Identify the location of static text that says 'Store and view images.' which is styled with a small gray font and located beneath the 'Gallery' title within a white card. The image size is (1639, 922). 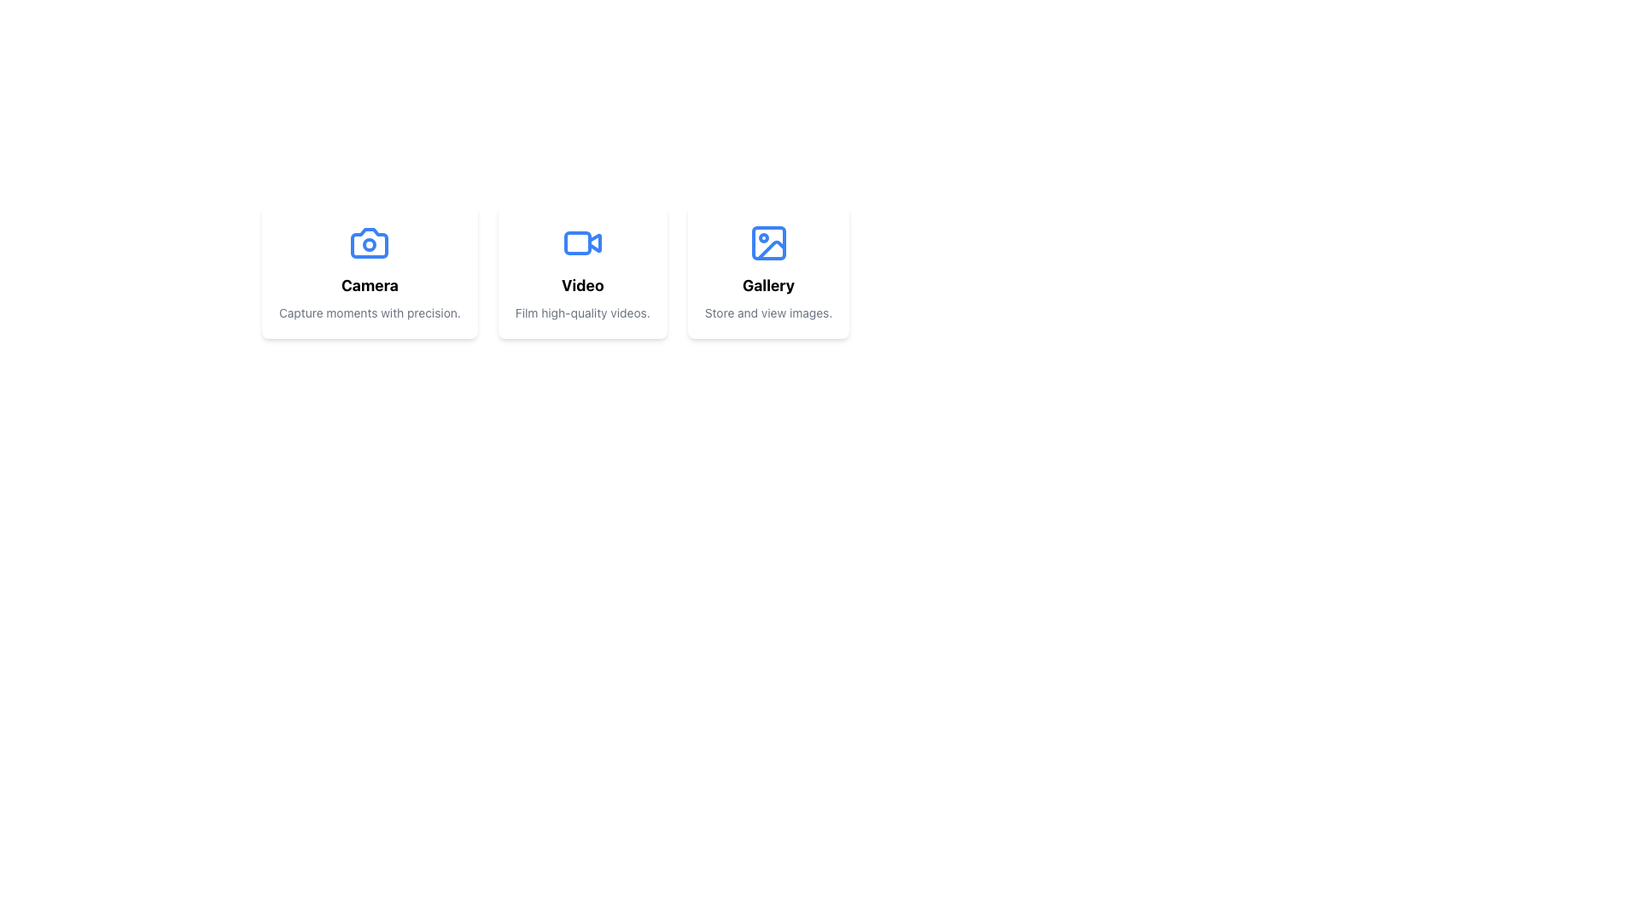
(767, 312).